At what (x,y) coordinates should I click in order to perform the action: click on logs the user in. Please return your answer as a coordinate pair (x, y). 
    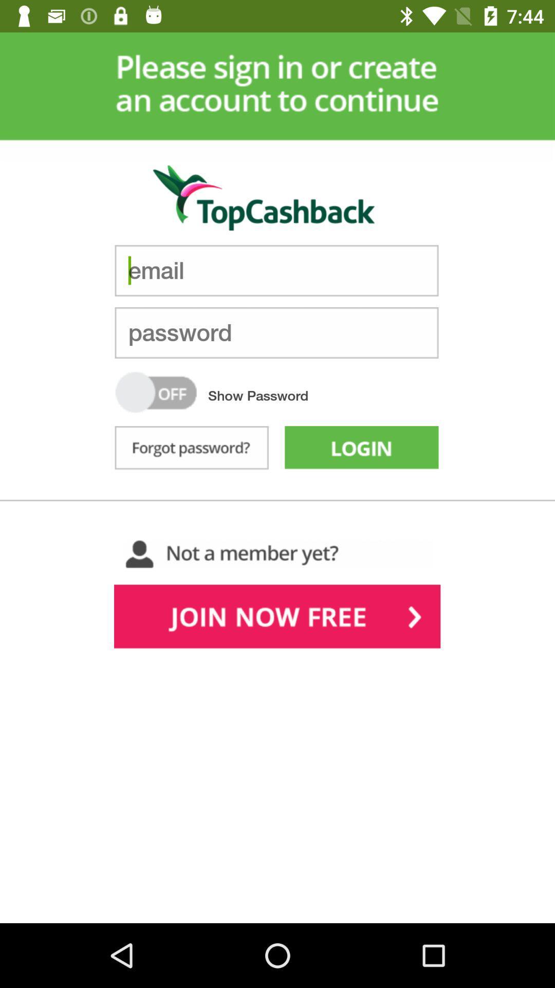
    Looking at the image, I should click on (361, 450).